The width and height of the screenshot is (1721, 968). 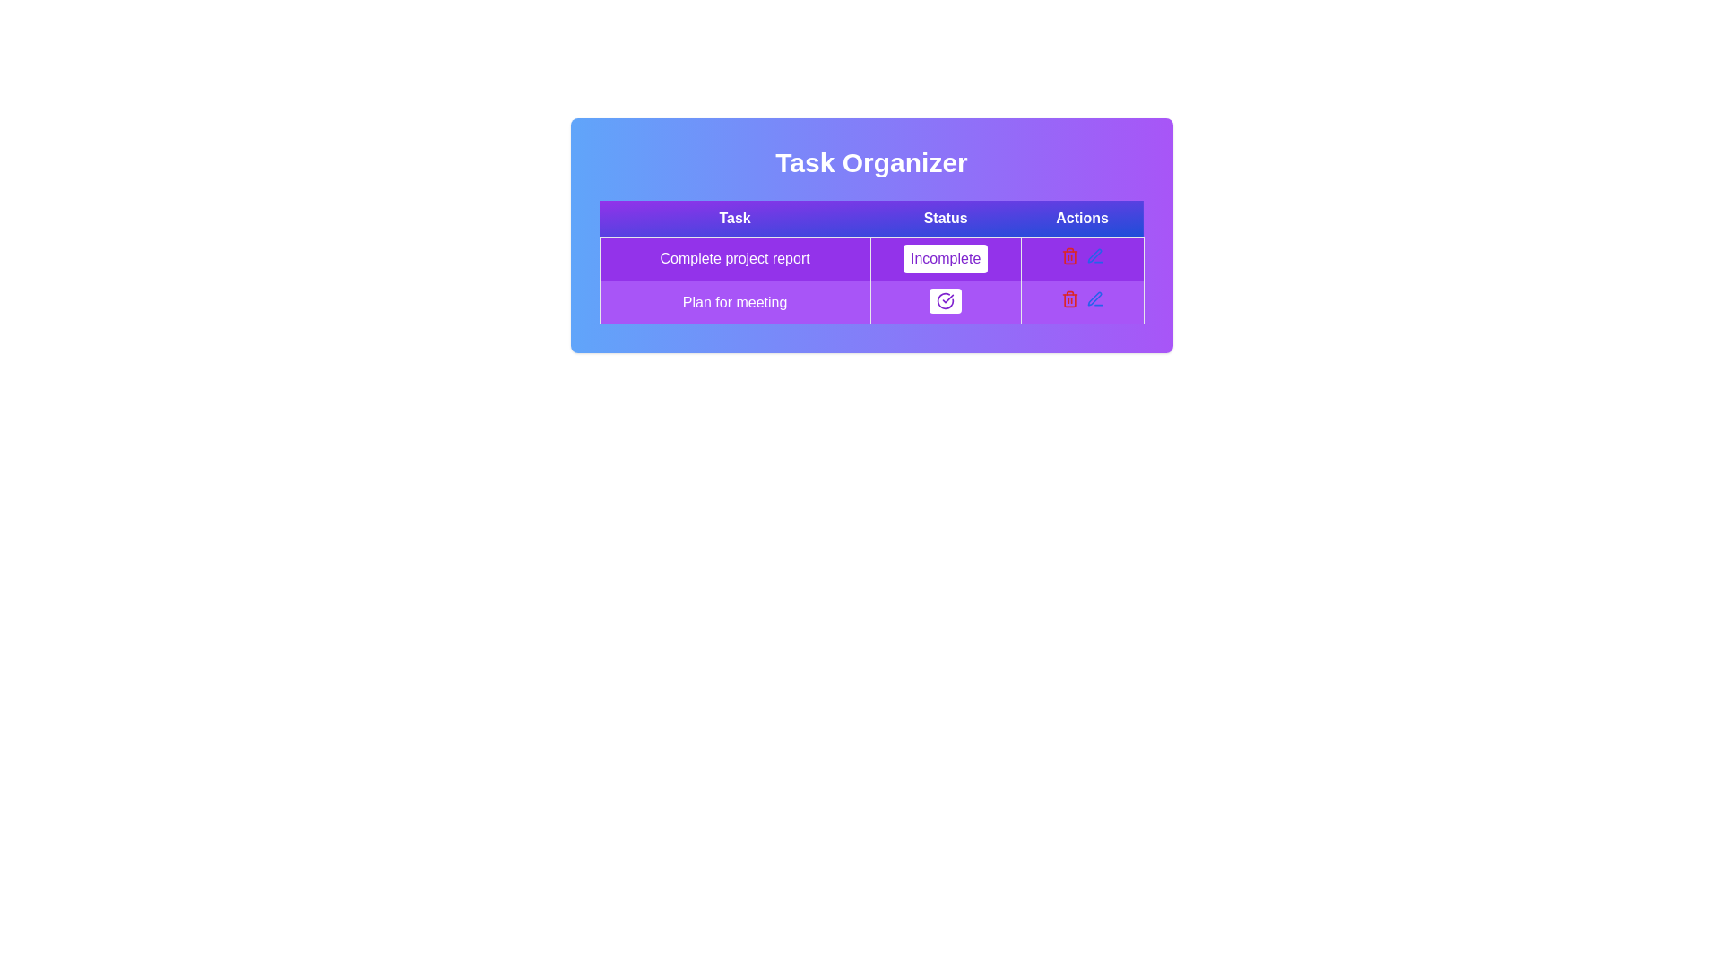 What do you see at coordinates (871, 280) in the screenshot?
I see `the Composite Table Cell containing the text 'Complete project report Incomplete Plan for meeting', which has a purple background and white text` at bounding box center [871, 280].